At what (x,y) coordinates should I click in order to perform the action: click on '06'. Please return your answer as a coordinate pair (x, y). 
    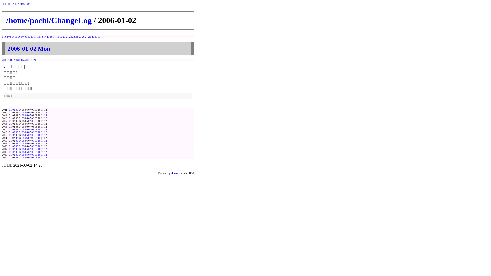
    Looking at the image, I should click on (26, 135).